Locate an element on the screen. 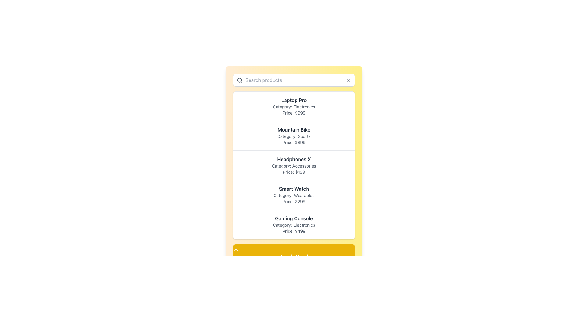 This screenshot has height=329, width=585. the static text label displaying the category information for 'Headphones X', located between the title and price in the product list is located at coordinates (294, 166).